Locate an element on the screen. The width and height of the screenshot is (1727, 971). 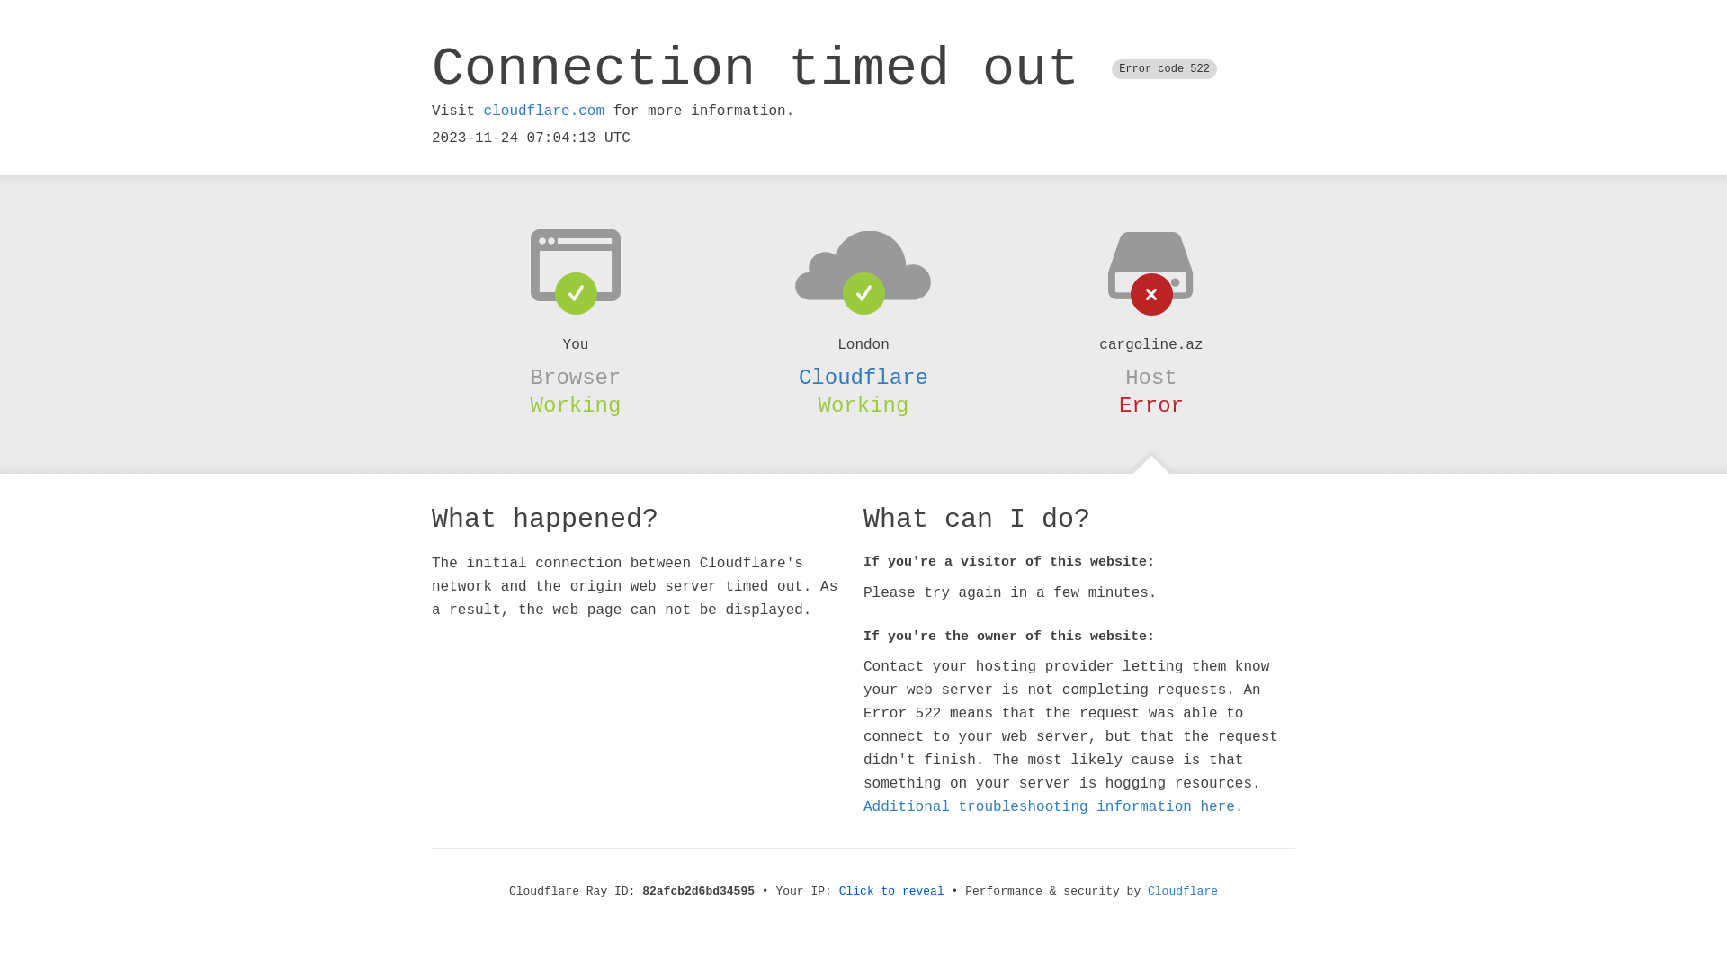
'Additional troubleshooting information here.' is located at coordinates (1053, 806).